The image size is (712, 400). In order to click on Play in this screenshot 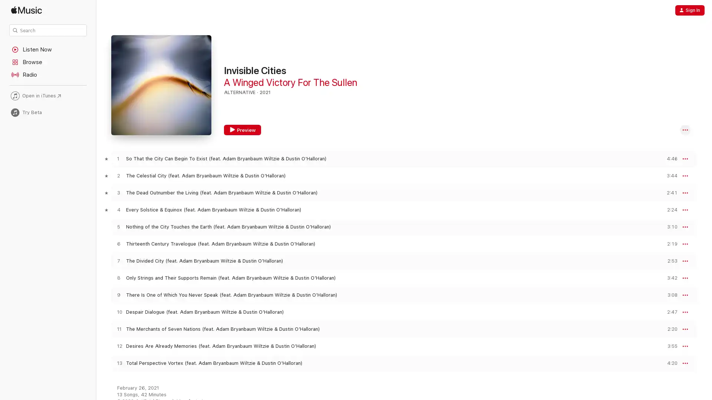, I will do `click(118, 363)`.